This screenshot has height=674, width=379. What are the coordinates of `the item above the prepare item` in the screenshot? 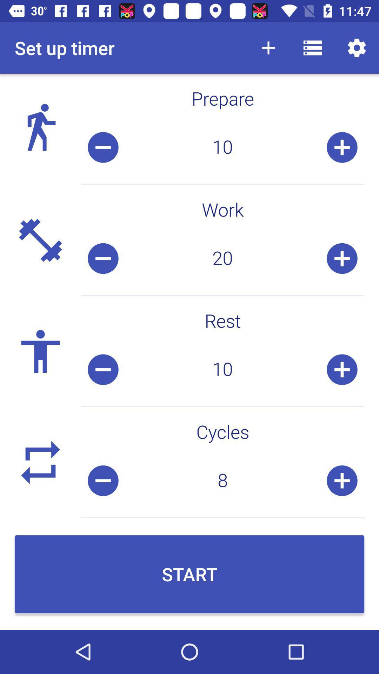 It's located at (268, 47).